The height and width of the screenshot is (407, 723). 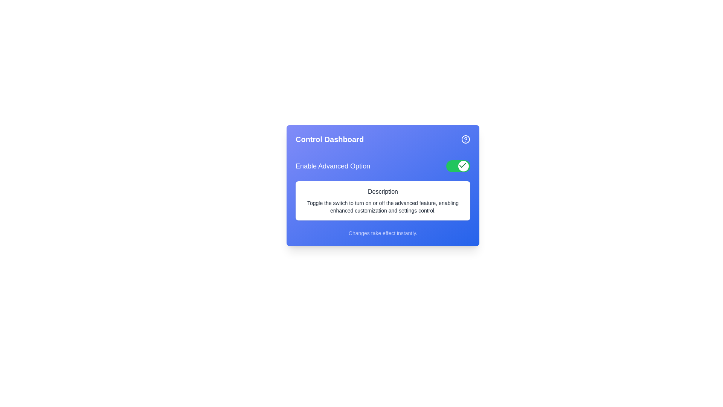 What do you see at coordinates (463, 165) in the screenshot?
I see `the circular white toggle button with a green checkmark icon located on the right side of the green toggle switch` at bounding box center [463, 165].